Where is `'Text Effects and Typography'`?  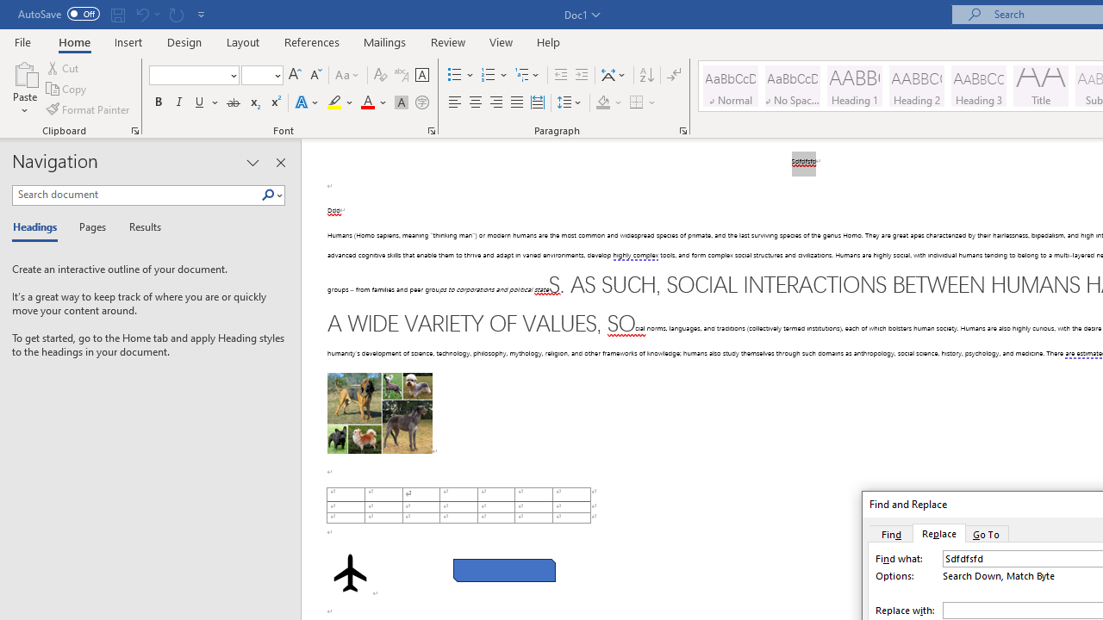 'Text Effects and Typography' is located at coordinates (308, 102).